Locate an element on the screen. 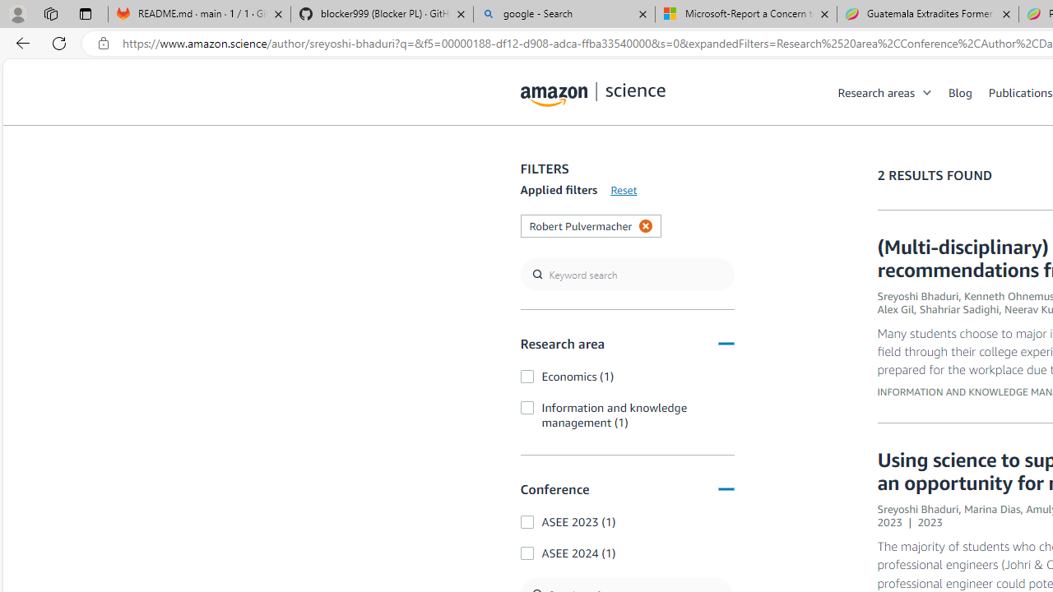 The width and height of the screenshot is (1053, 592). 'Class: chevron' is located at coordinates (928, 96).